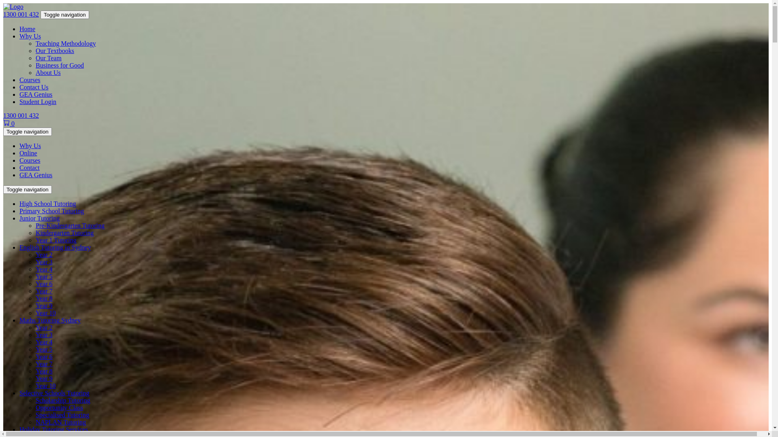  Describe the element at coordinates (49, 320) in the screenshot. I see `'Maths Tutoring Sydney'` at that location.